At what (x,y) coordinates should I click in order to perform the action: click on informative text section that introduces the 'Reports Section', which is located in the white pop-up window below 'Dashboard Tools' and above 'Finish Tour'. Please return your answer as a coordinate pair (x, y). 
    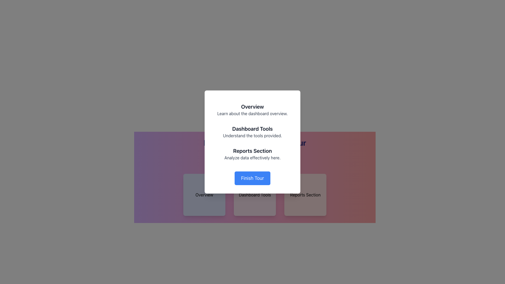
    Looking at the image, I should click on (252, 154).